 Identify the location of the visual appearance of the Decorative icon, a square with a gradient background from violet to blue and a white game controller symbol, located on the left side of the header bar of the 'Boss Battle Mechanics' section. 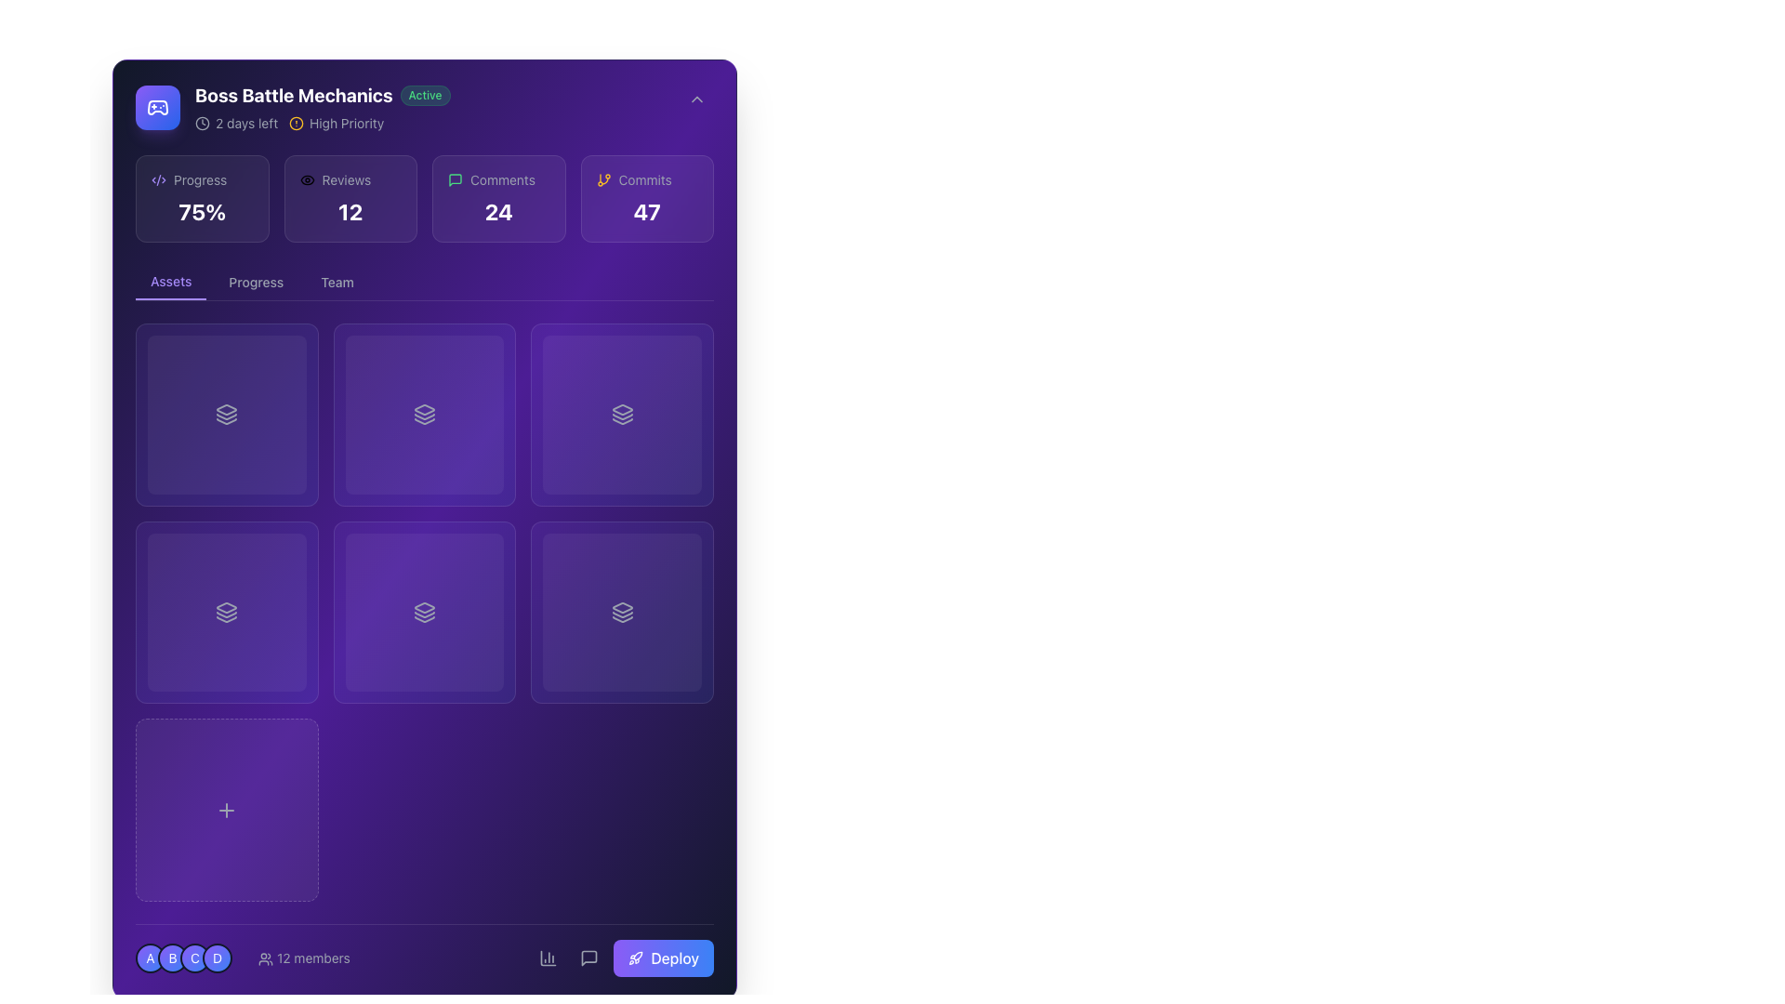
(157, 107).